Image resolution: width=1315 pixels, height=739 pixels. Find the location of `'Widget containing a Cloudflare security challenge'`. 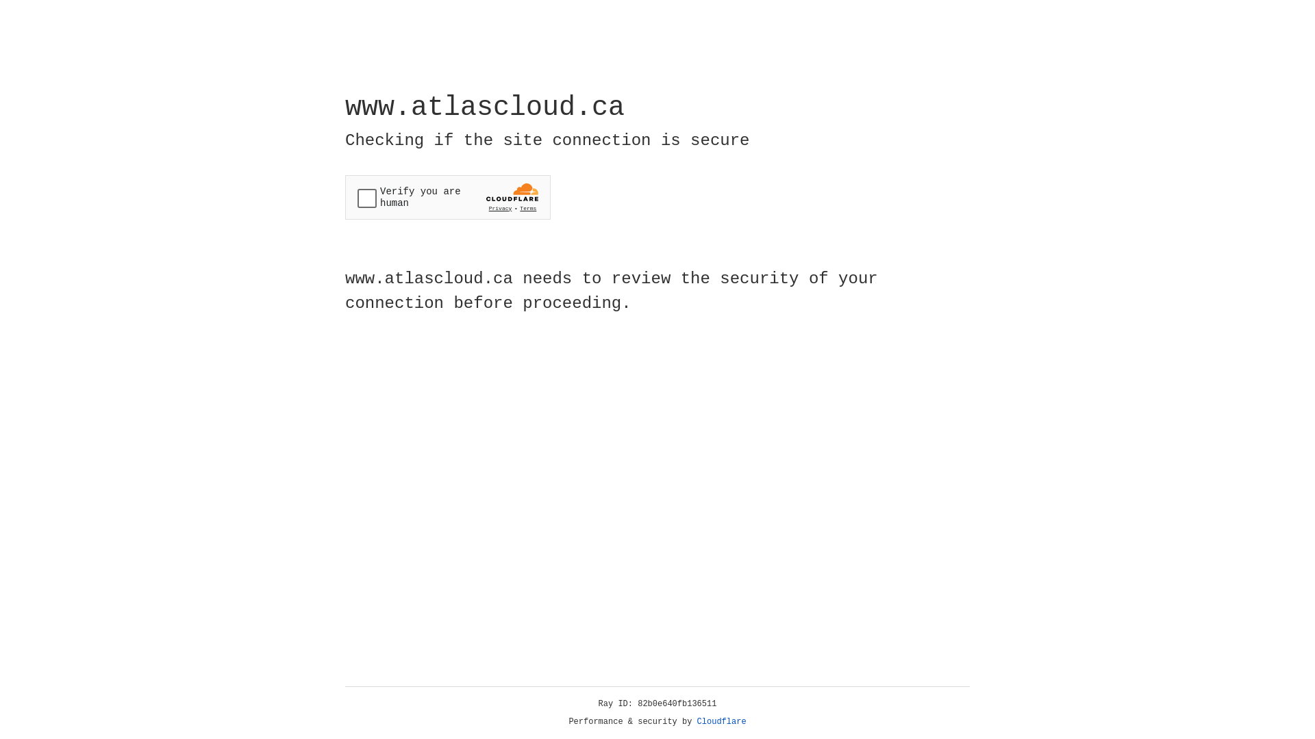

'Widget containing a Cloudflare security challenge' is located at coordinates (447, 197).